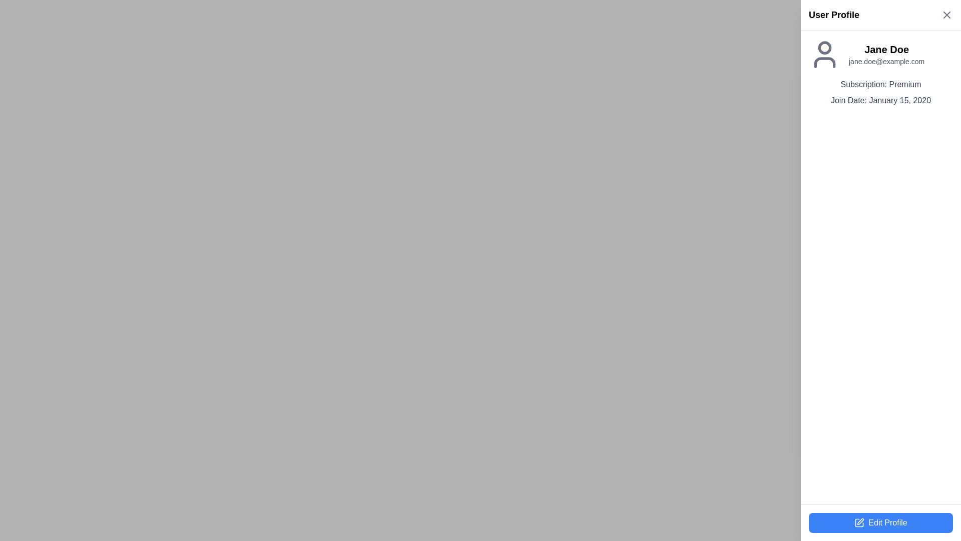 This screenshot has width=961, height=541. Describe the element at coordinates (859, 522) in the screenshot. I see `the editing icon located to the left of the 'Edit Profile' text within the 'Edit Profile' button` at that location.